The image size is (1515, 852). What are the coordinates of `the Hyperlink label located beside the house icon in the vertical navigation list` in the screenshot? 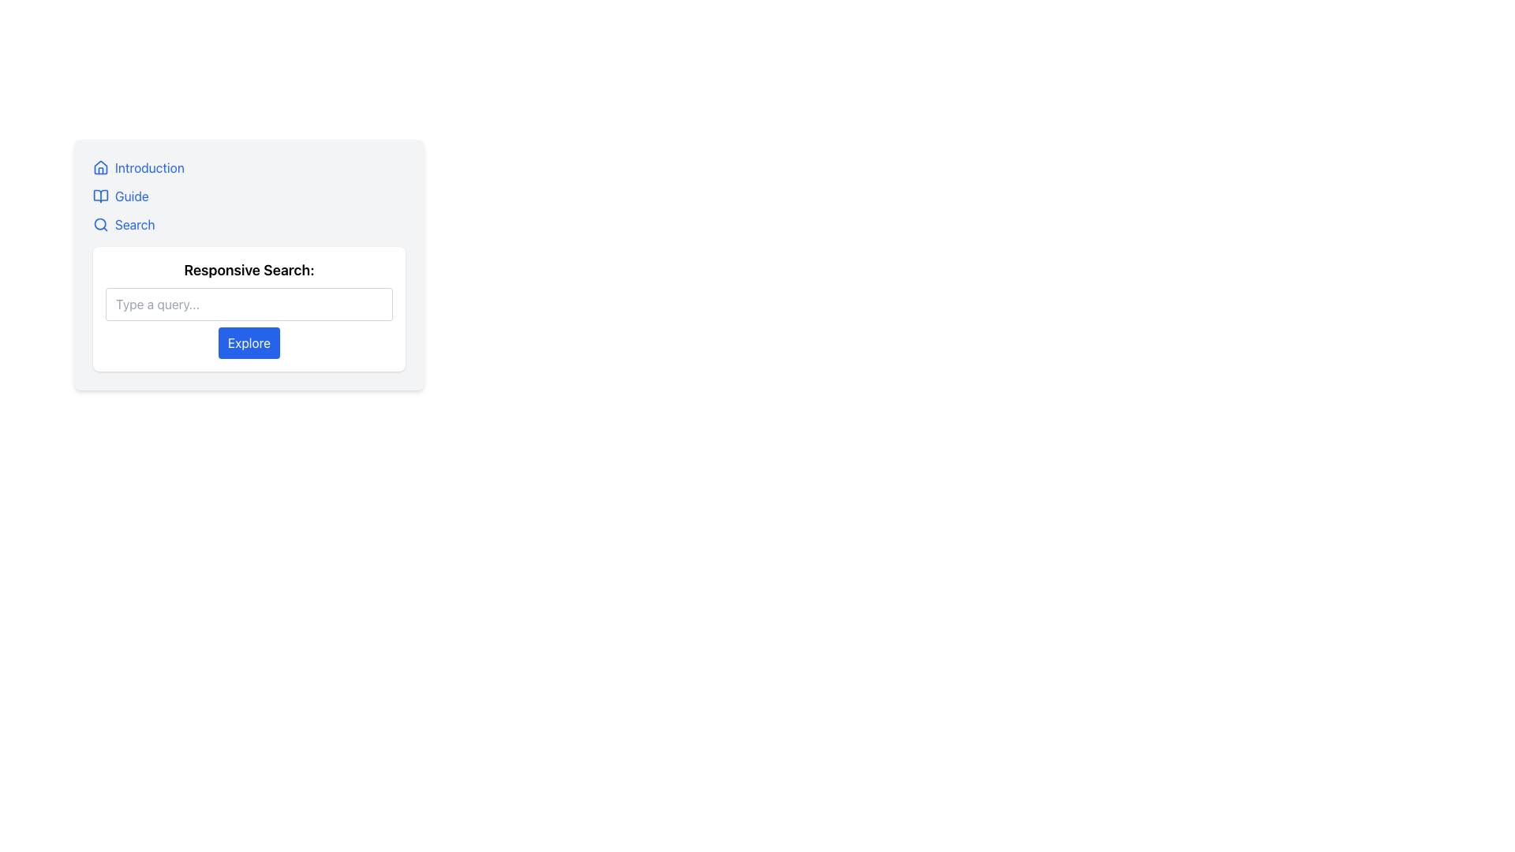 It's located at (149, 167).